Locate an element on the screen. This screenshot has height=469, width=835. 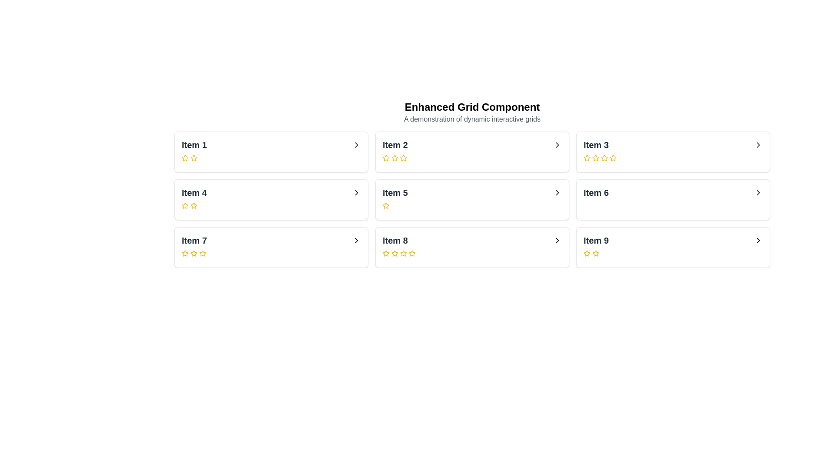
the rightward-pointing chevron icon within the grid layout for 'Item 9' is located at coordinates (758, 241).